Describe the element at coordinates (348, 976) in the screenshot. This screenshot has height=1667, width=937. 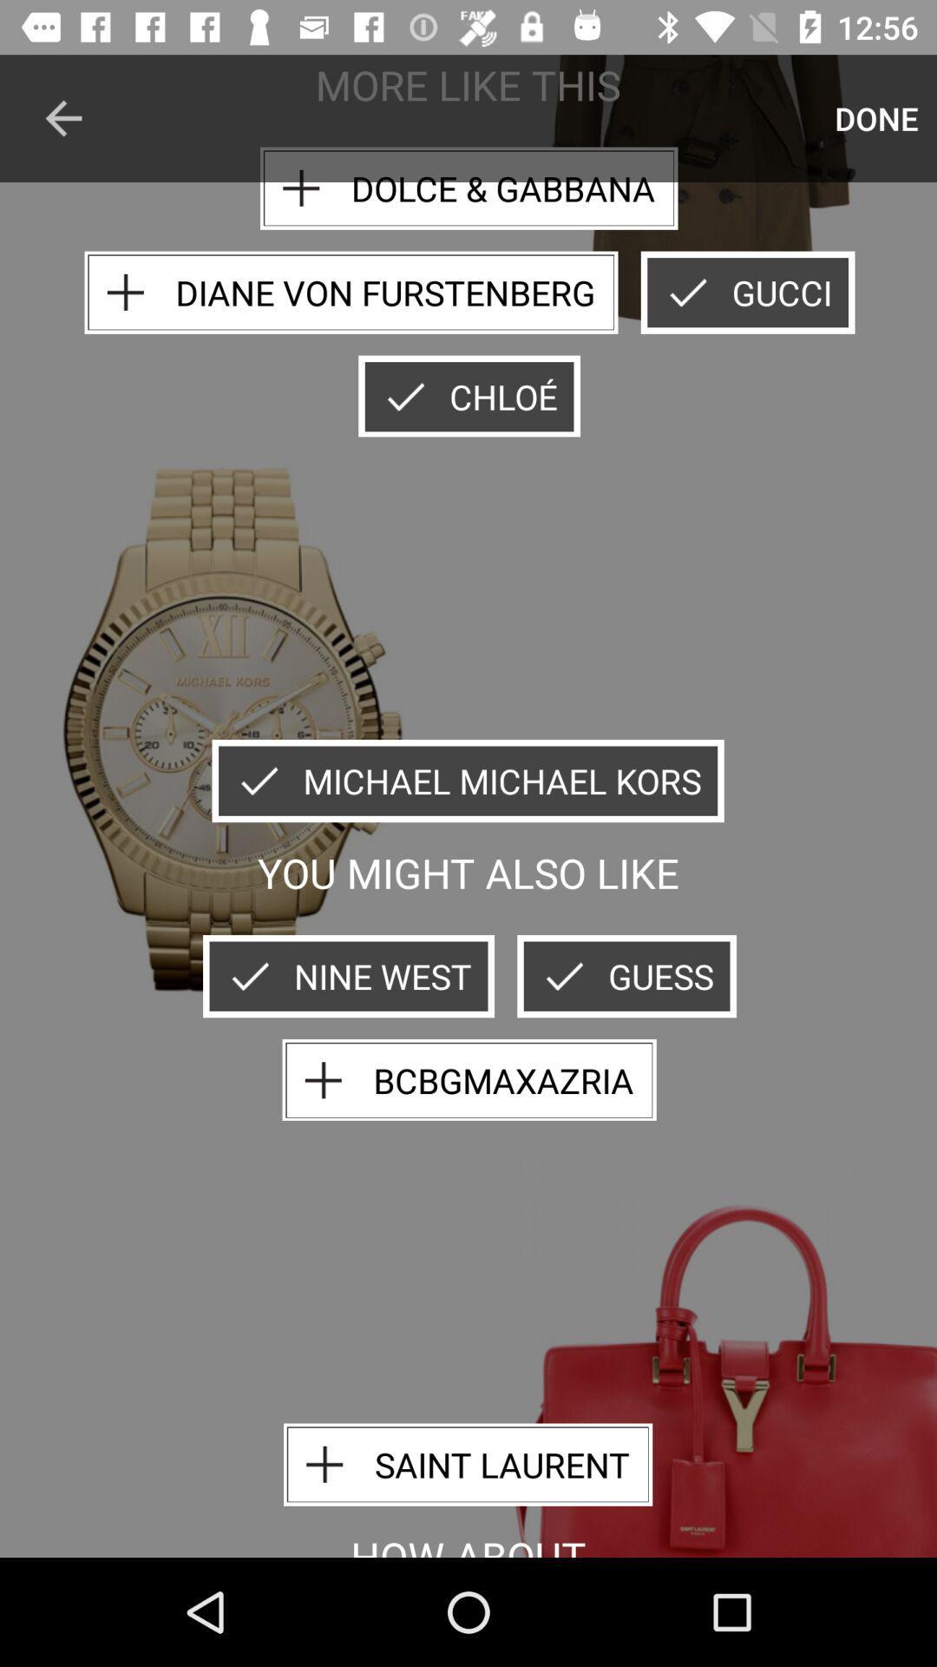
I see `the nine west` at that location.